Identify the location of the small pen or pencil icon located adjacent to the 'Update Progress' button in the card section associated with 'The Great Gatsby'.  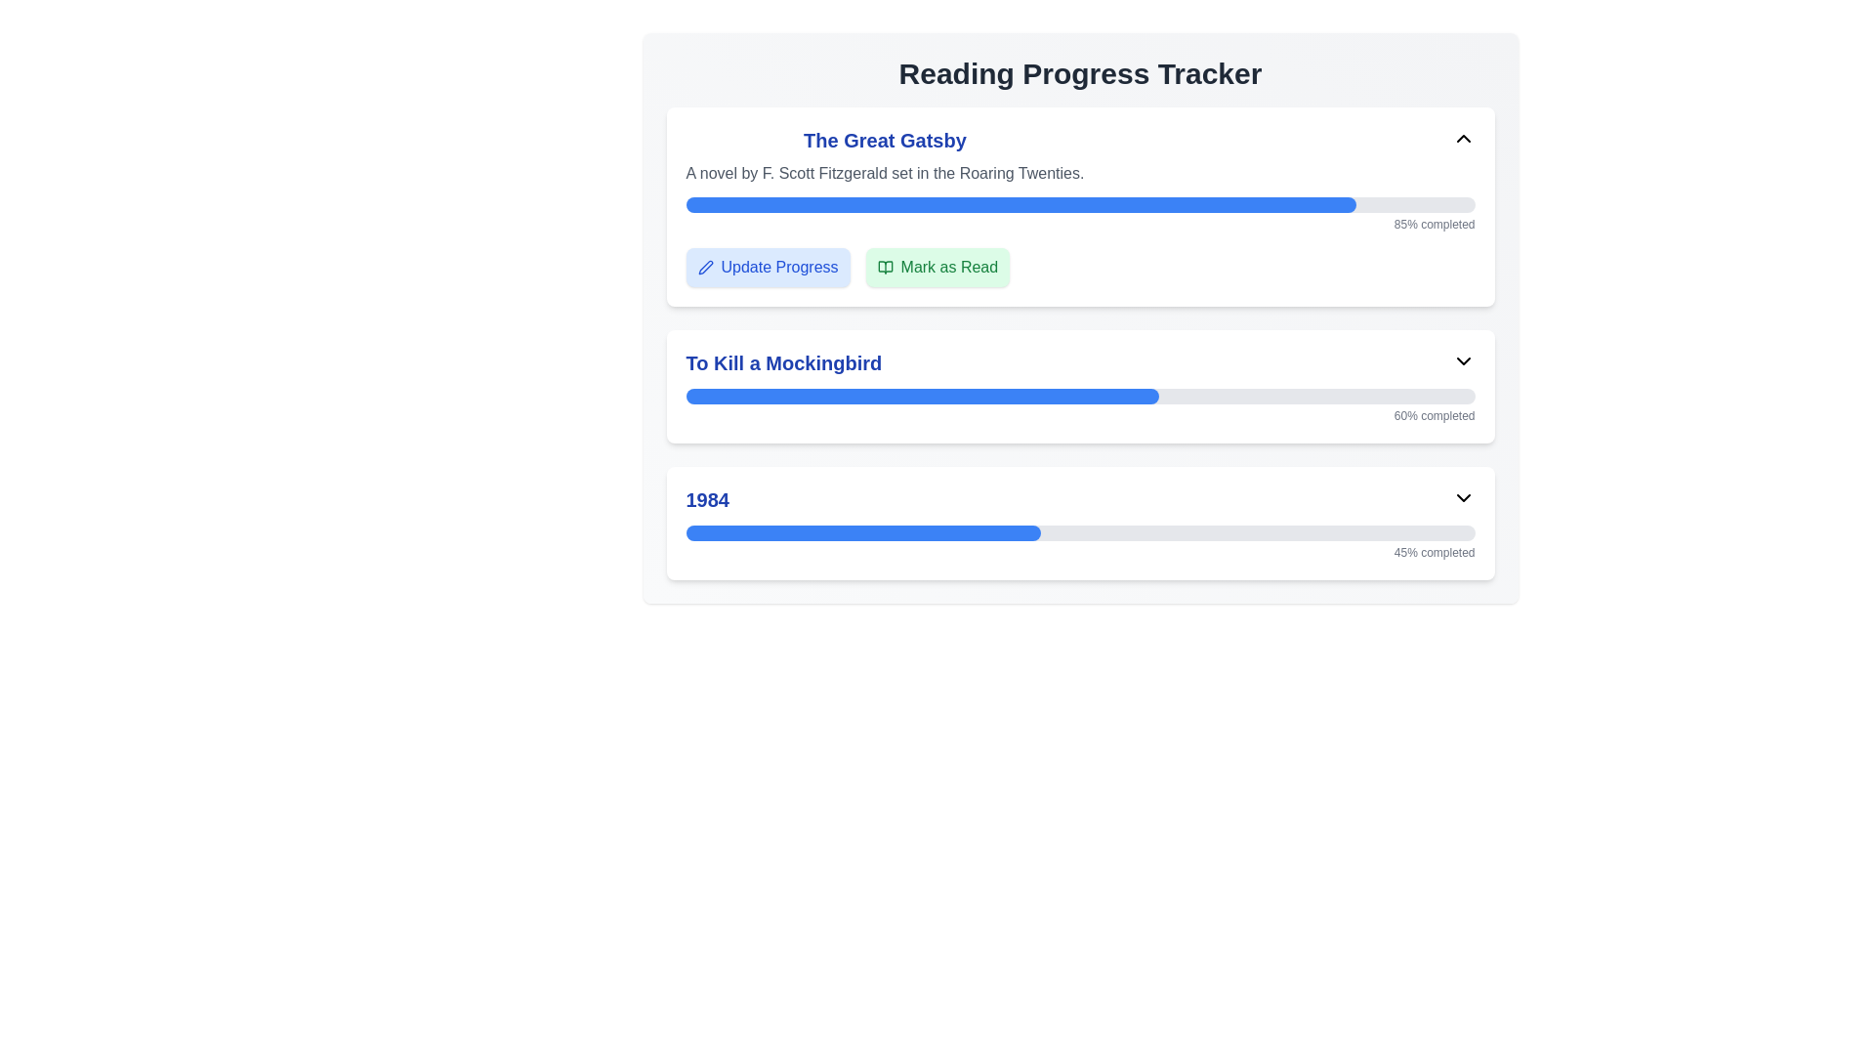
(704, 267).